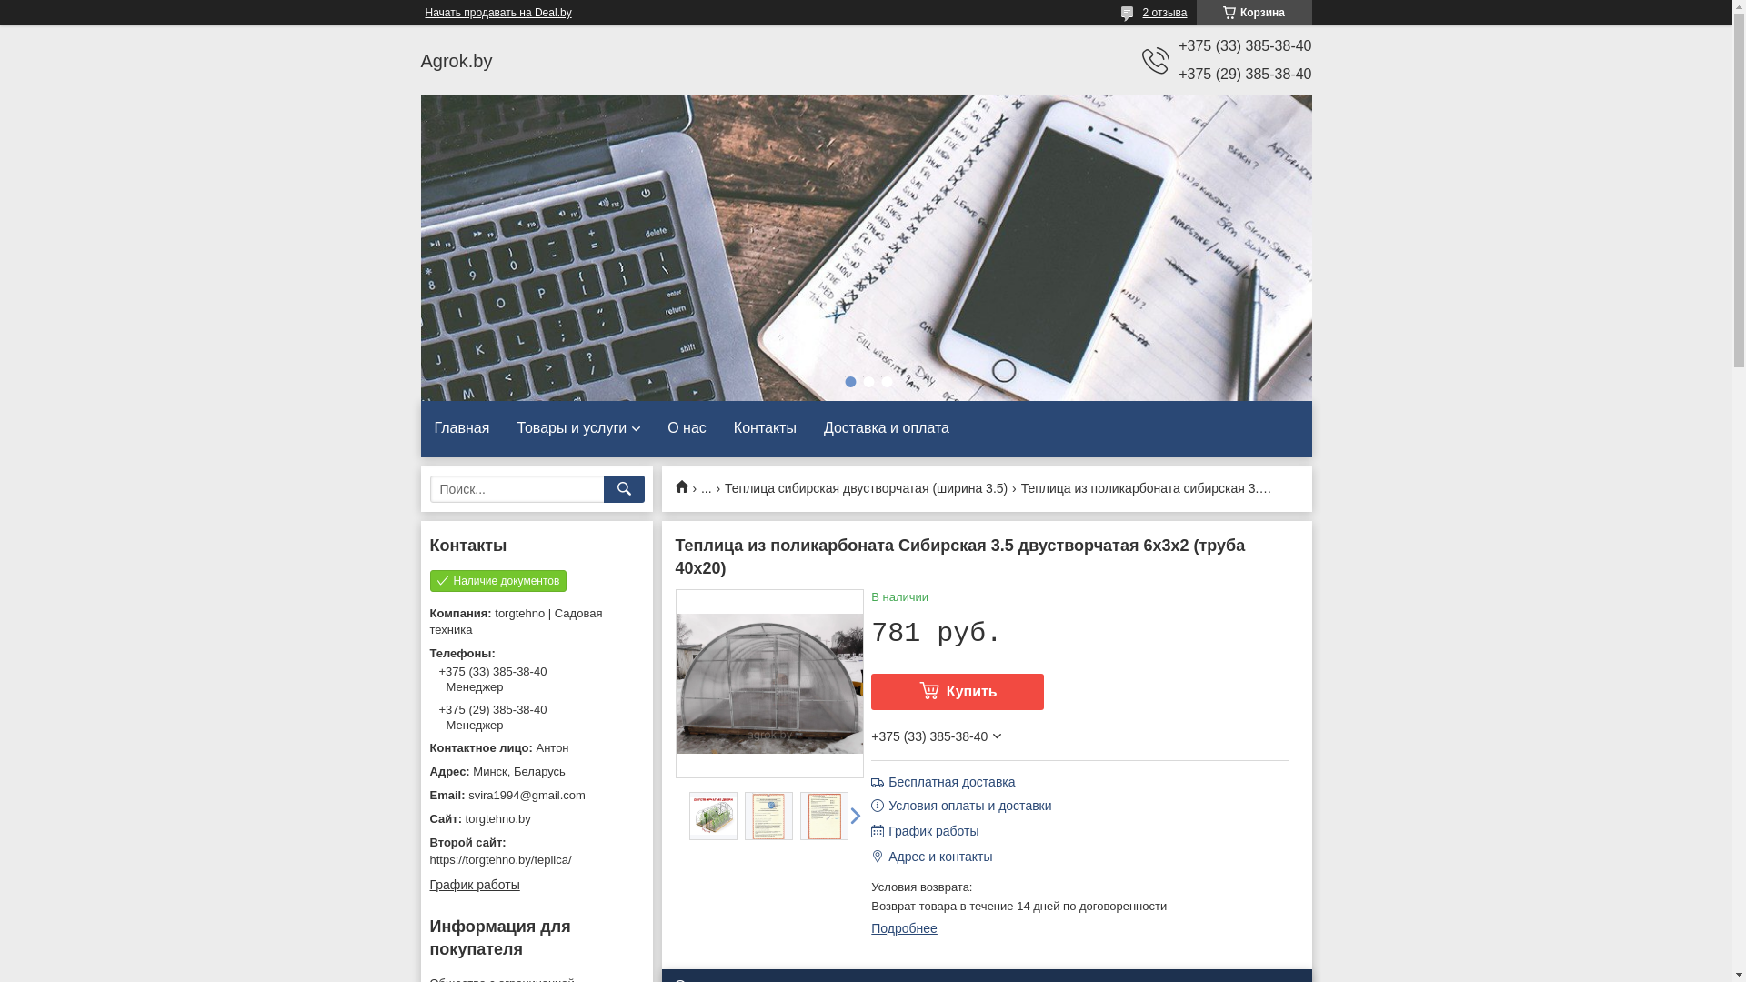 The width and height of the screenshot is (1746, 982). What do you see at coordinates (427, 819) in the screenshot?
I see `'torgtehno.by'` at bounding box center [427, 819].